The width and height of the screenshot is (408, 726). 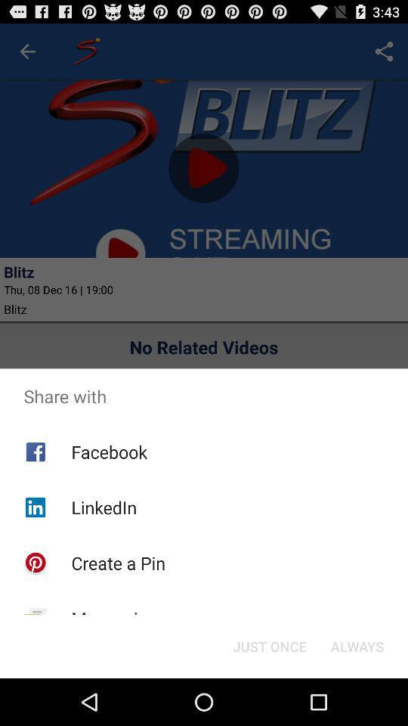 I want to click on create a pin, so click(x=117, y=562).